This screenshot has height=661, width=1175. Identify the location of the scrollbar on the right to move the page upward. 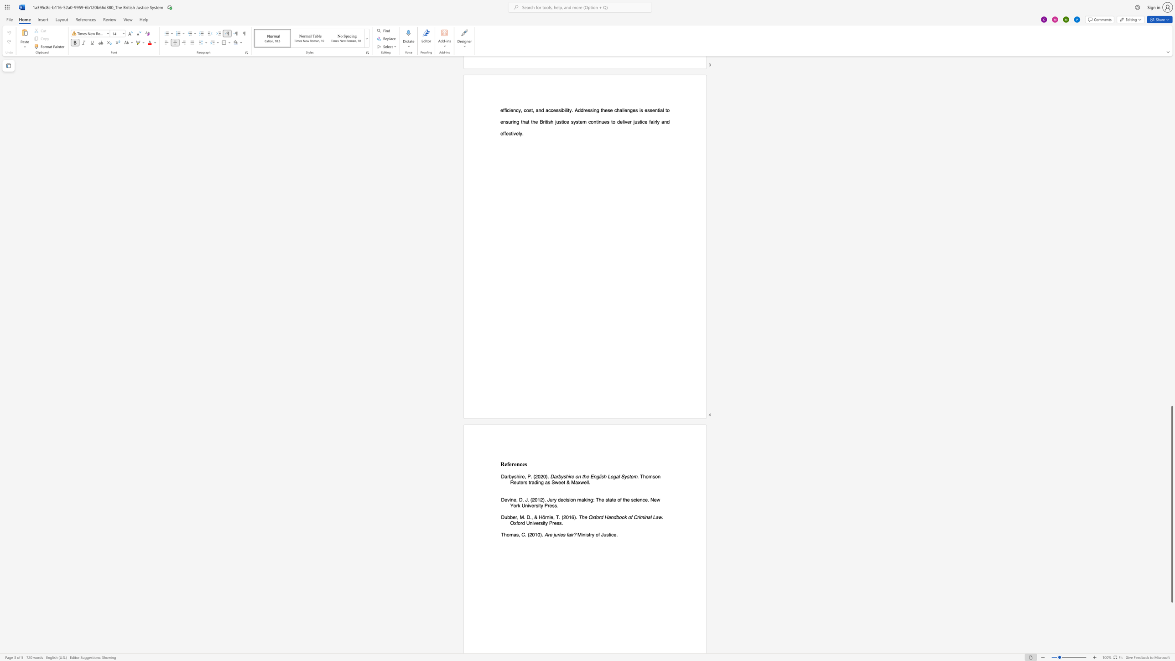
(1171, 83).